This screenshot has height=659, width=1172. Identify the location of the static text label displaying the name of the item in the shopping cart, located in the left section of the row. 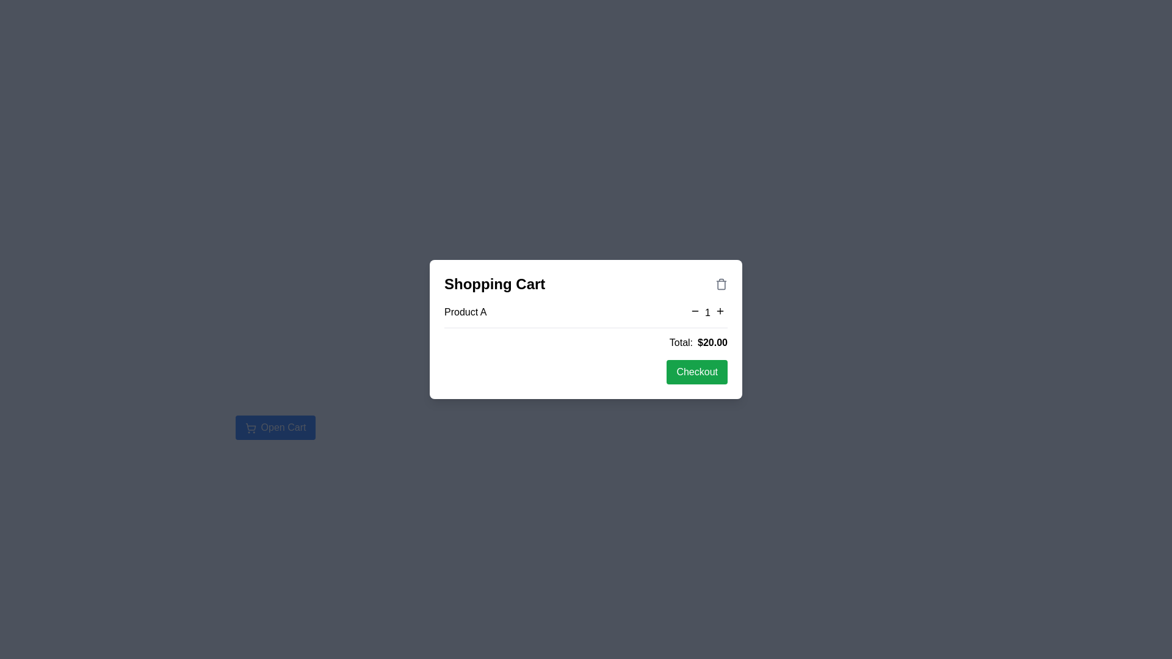
(465, 311).